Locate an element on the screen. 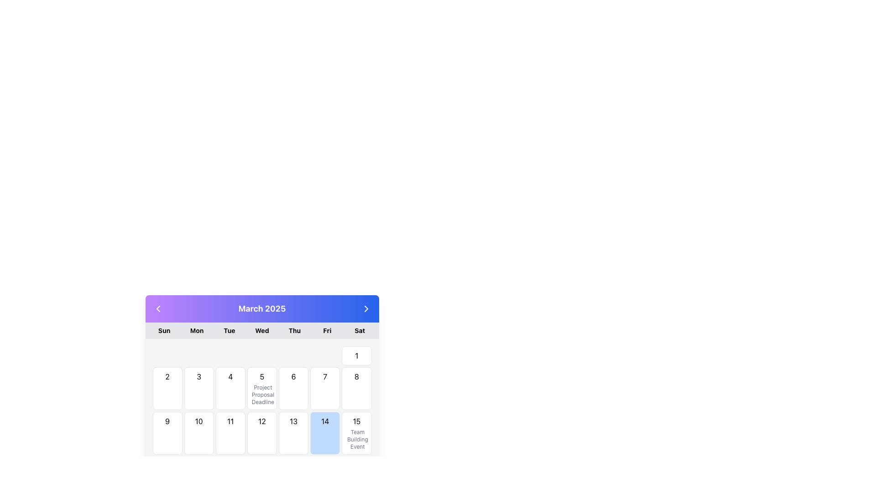 The height and width of the screenshot is (492, 876). the text label reading 'Team Building Event' which is centered within the calendar cell for the 15th day of the month is located at coordinates (356, 439).